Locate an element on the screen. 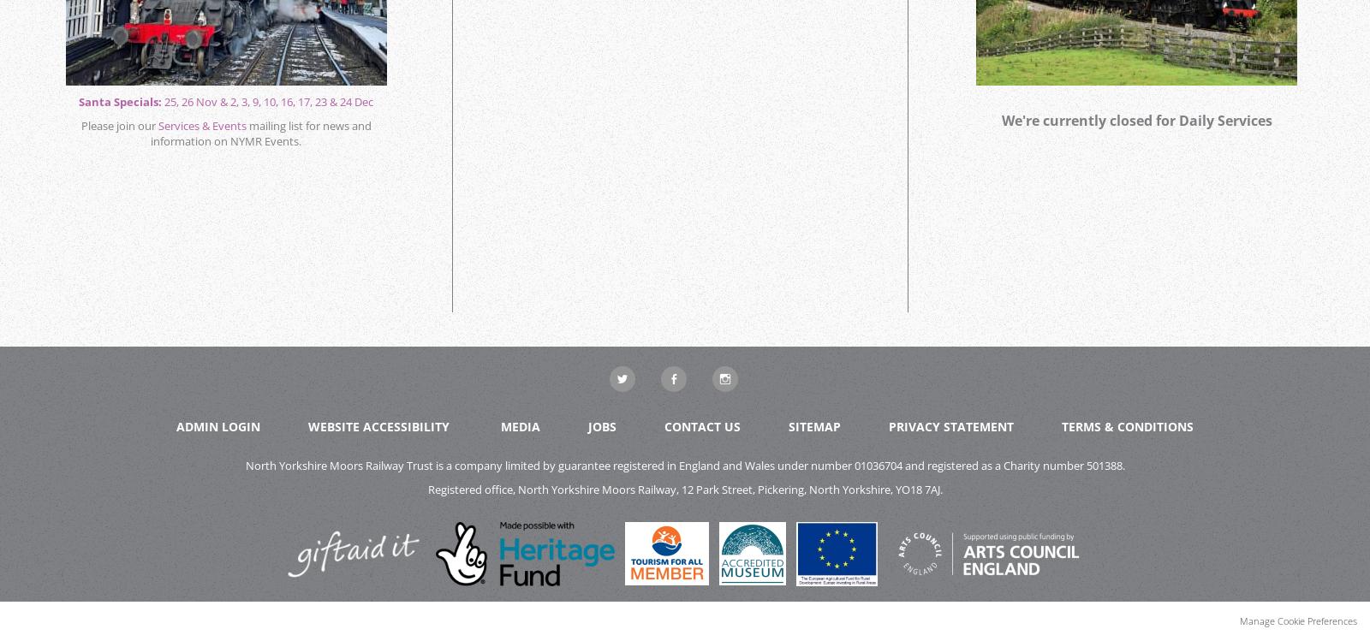  'Terms & Conditions' is located at coordinates (1126, 425).